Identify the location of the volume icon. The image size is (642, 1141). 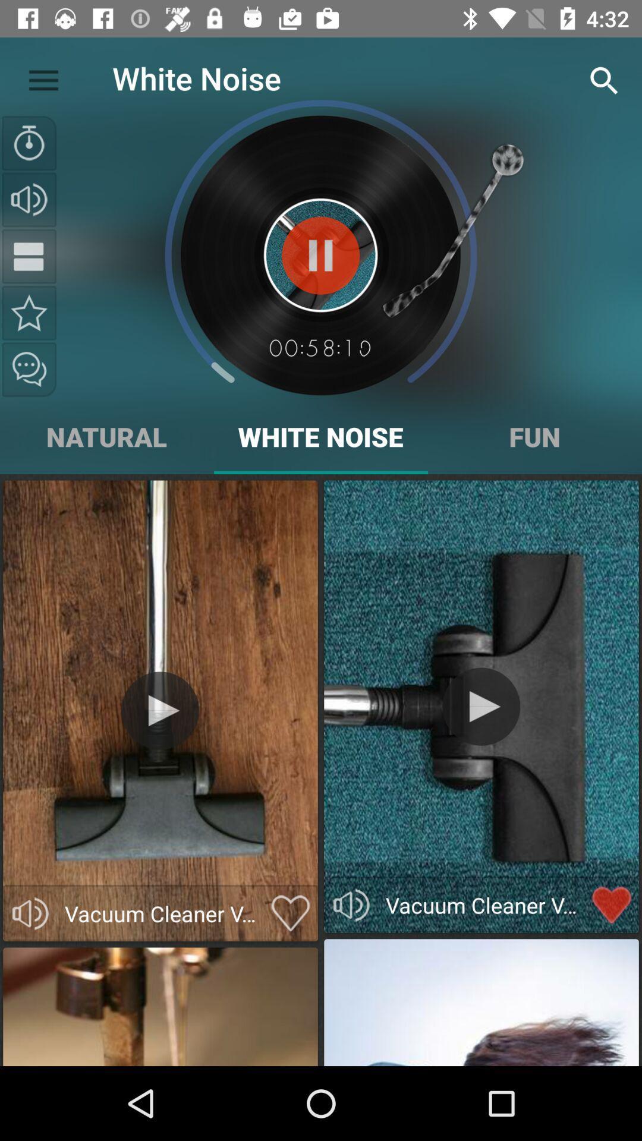
(29, 200).